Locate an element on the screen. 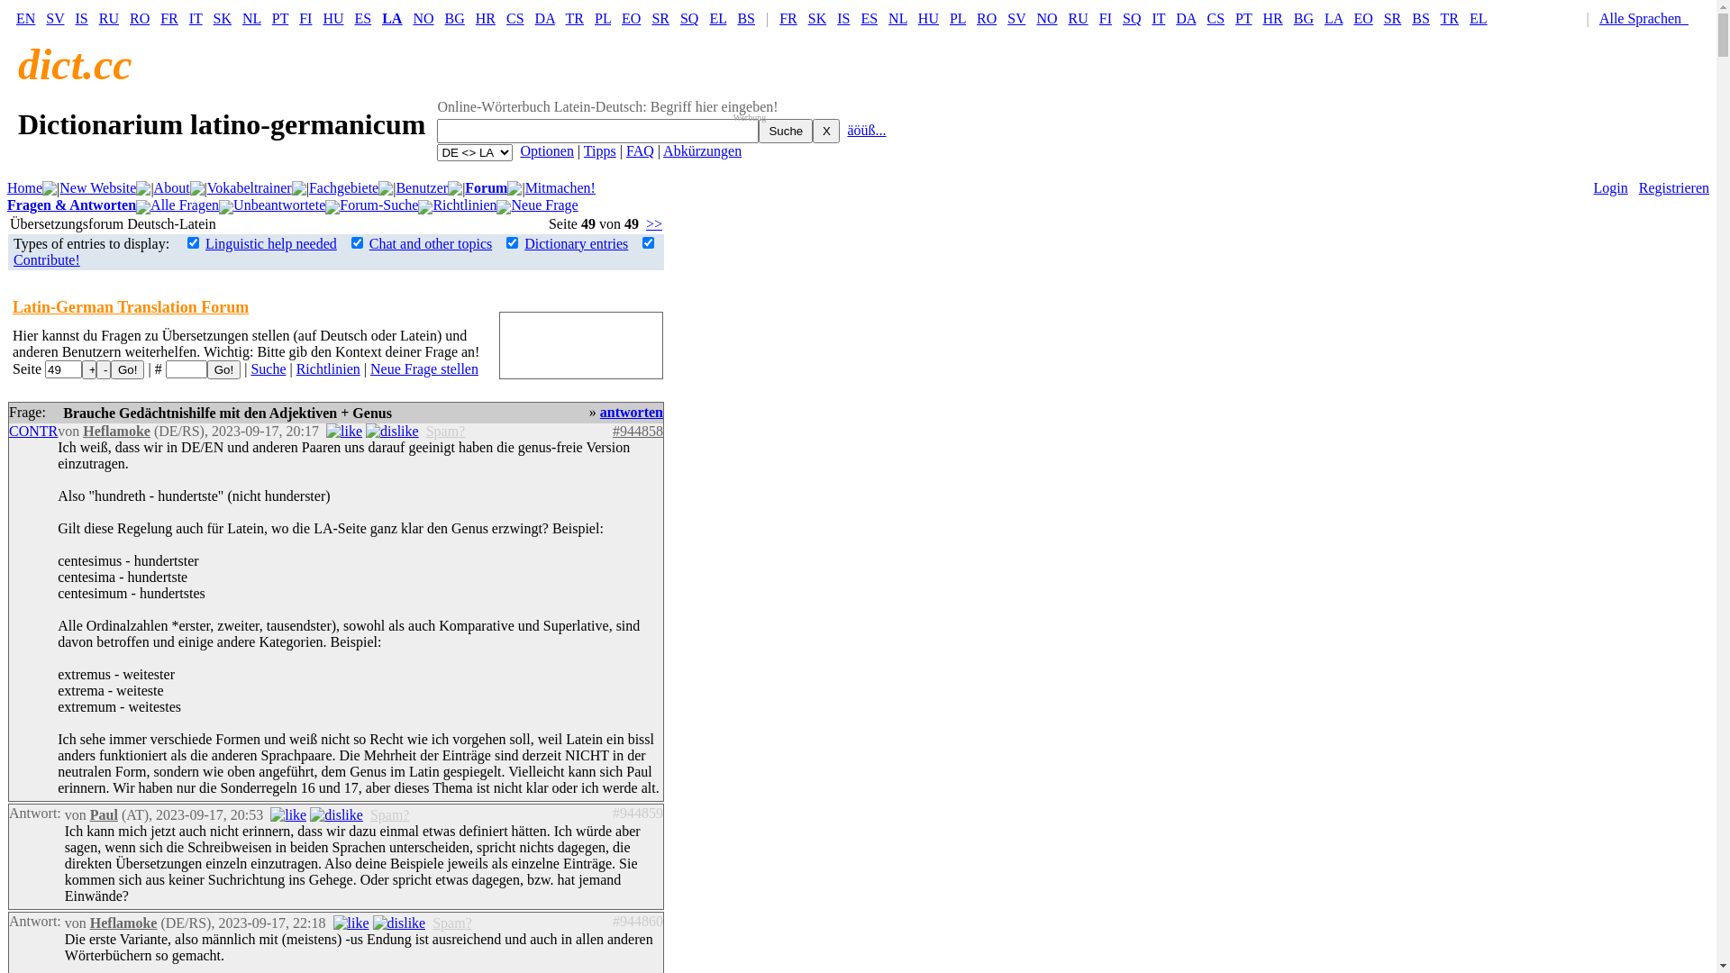 The image size is (1730, 973). 'dict.cc' is located at coordinates (74, 63).